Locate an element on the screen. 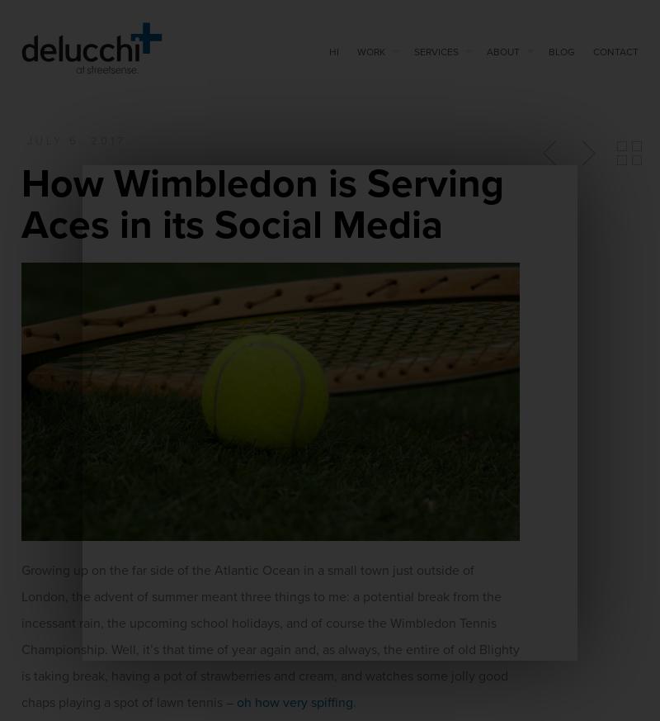  'About' is located at coordinates (503, 50).